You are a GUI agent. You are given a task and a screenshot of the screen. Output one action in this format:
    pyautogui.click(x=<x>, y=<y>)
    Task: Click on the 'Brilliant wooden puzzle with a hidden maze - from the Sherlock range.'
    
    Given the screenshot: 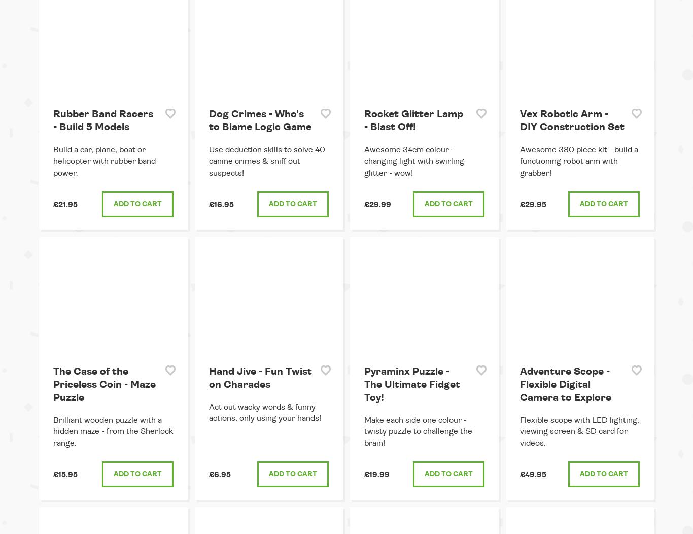 What is the action you would take?
    pyautogui.click(x=113, y=431)
    